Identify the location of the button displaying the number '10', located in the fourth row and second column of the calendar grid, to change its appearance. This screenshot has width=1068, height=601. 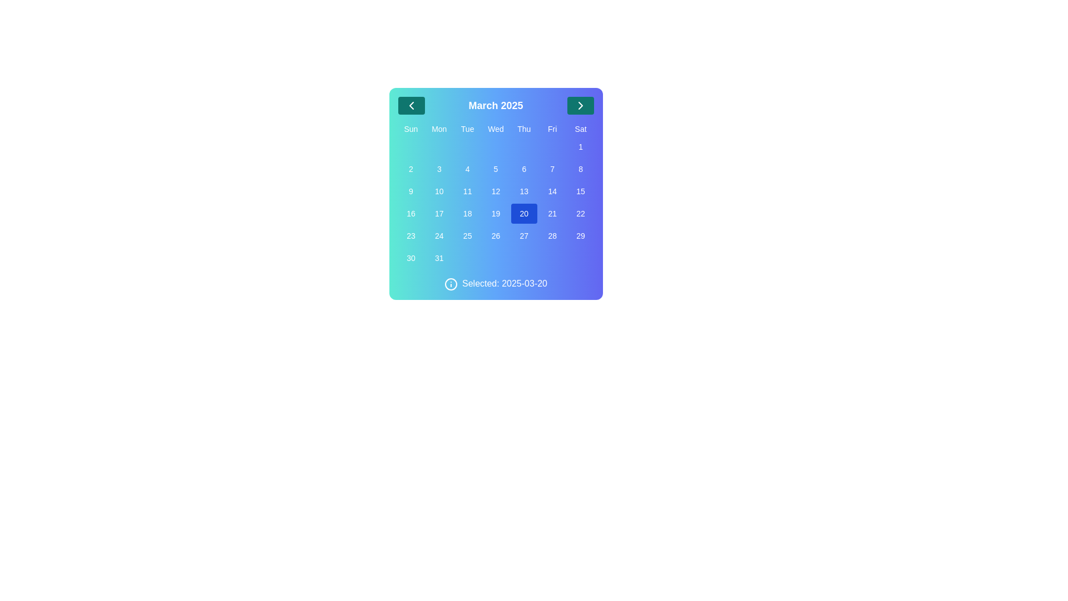
(438, 190).